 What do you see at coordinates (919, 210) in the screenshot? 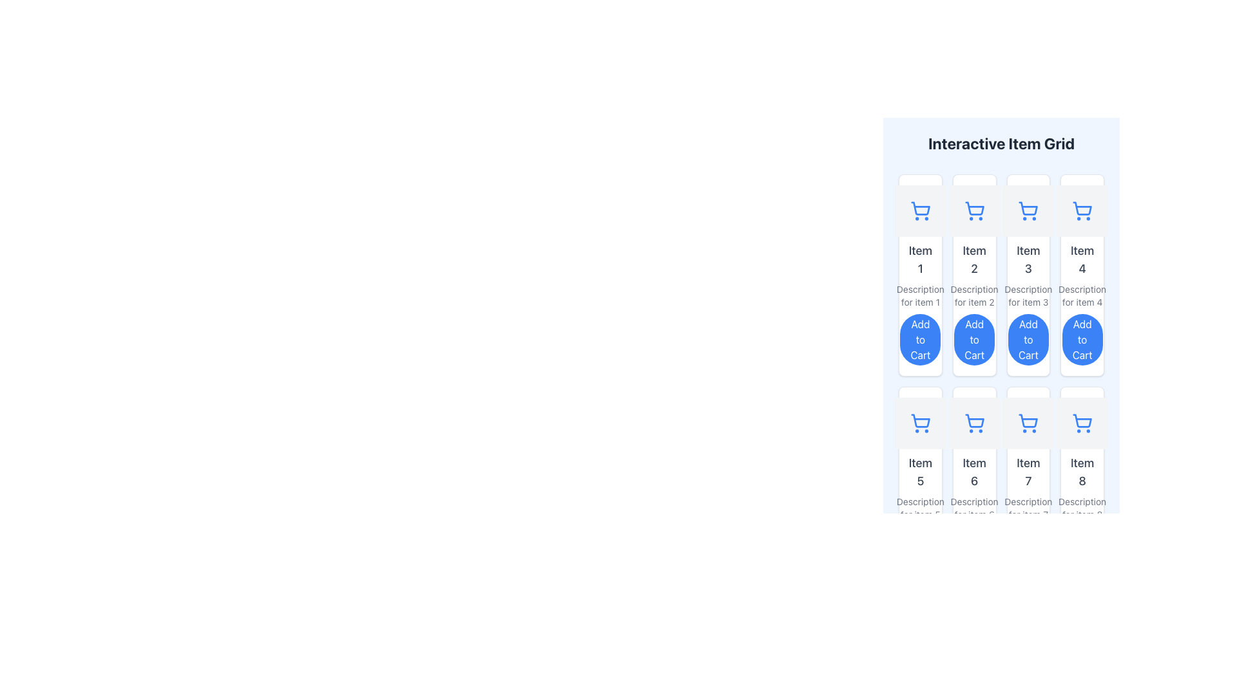
I see `the shopping icon located at the top of the 'Item 1' card, which visually represents the shopping action and indicates interaction with the shopping cart system` at bounding box center [919, 210].